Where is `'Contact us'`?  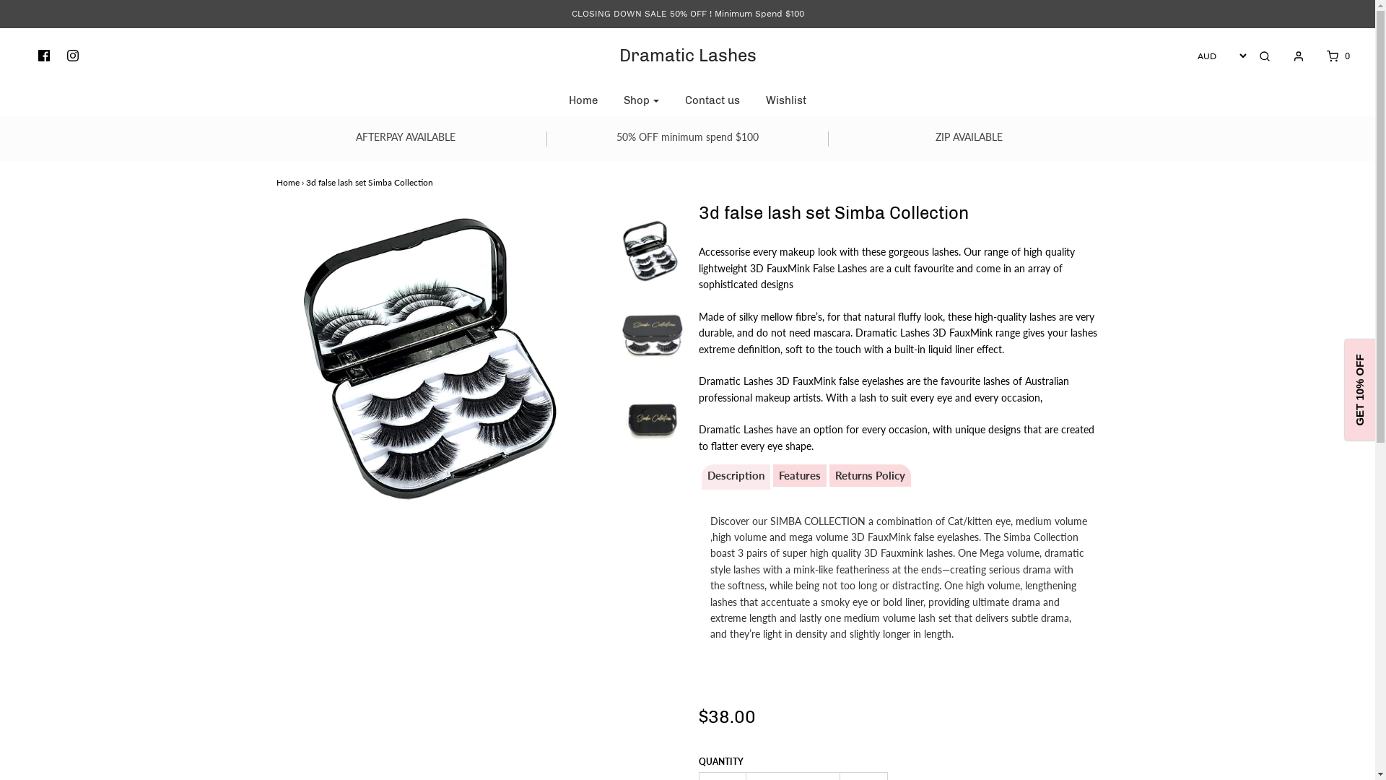 'Contact us' is located at coordinates (712, 99).